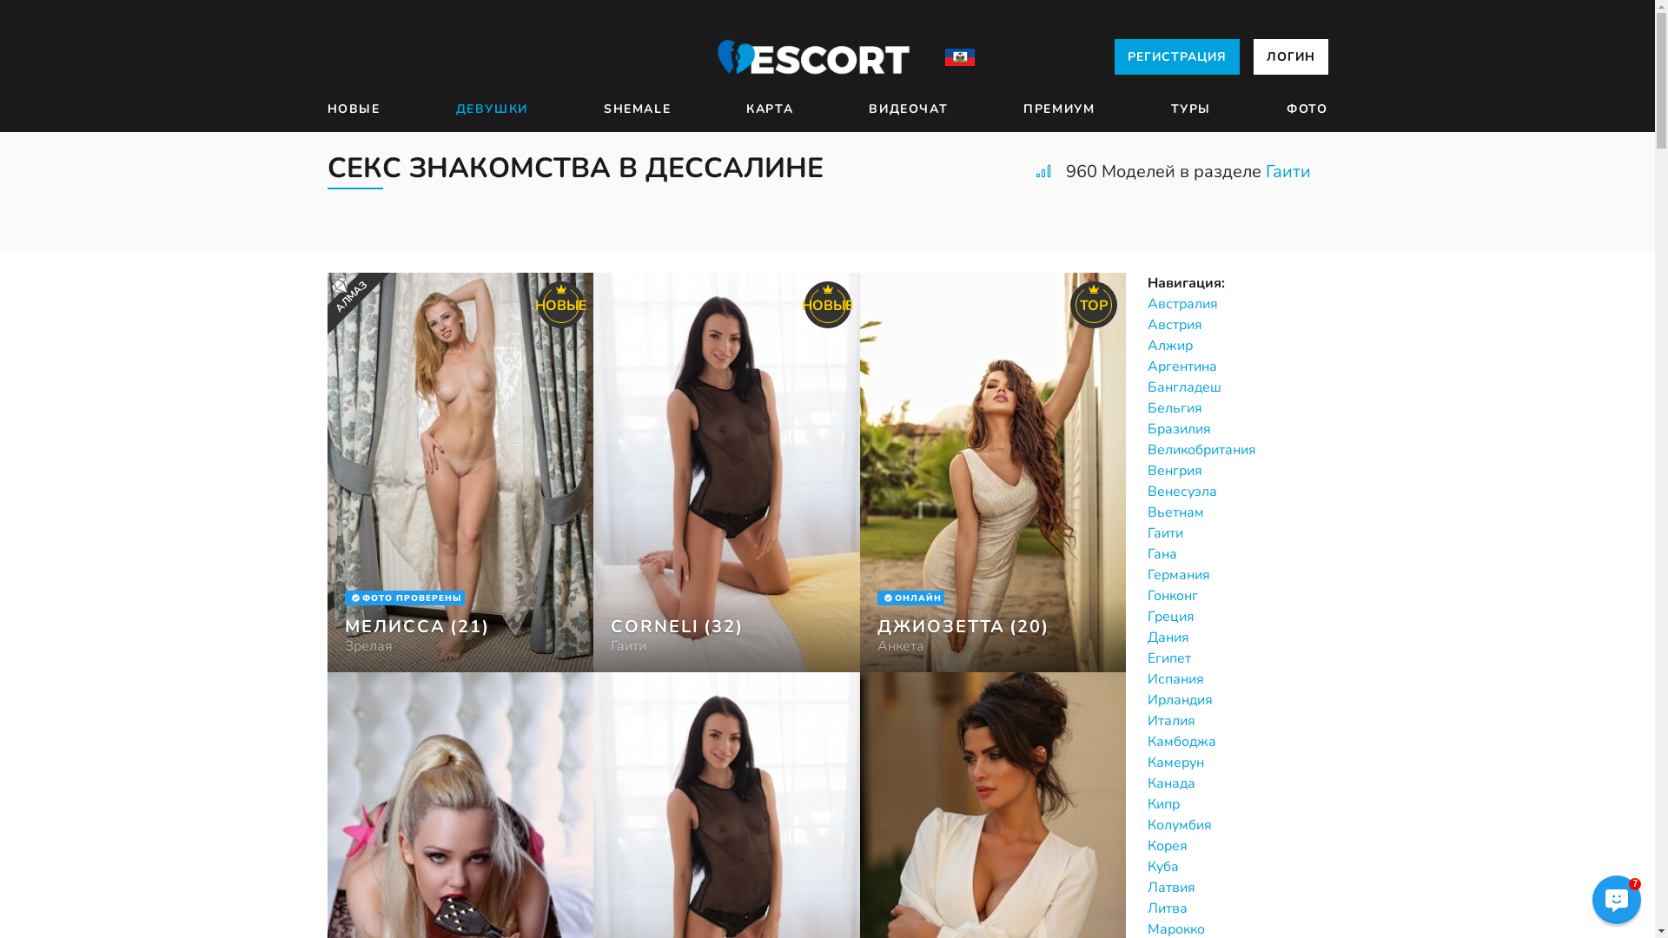 The height and width of the screenshot is (938, 1668). I want to click on 'SHEMALE', so click(636, 109).